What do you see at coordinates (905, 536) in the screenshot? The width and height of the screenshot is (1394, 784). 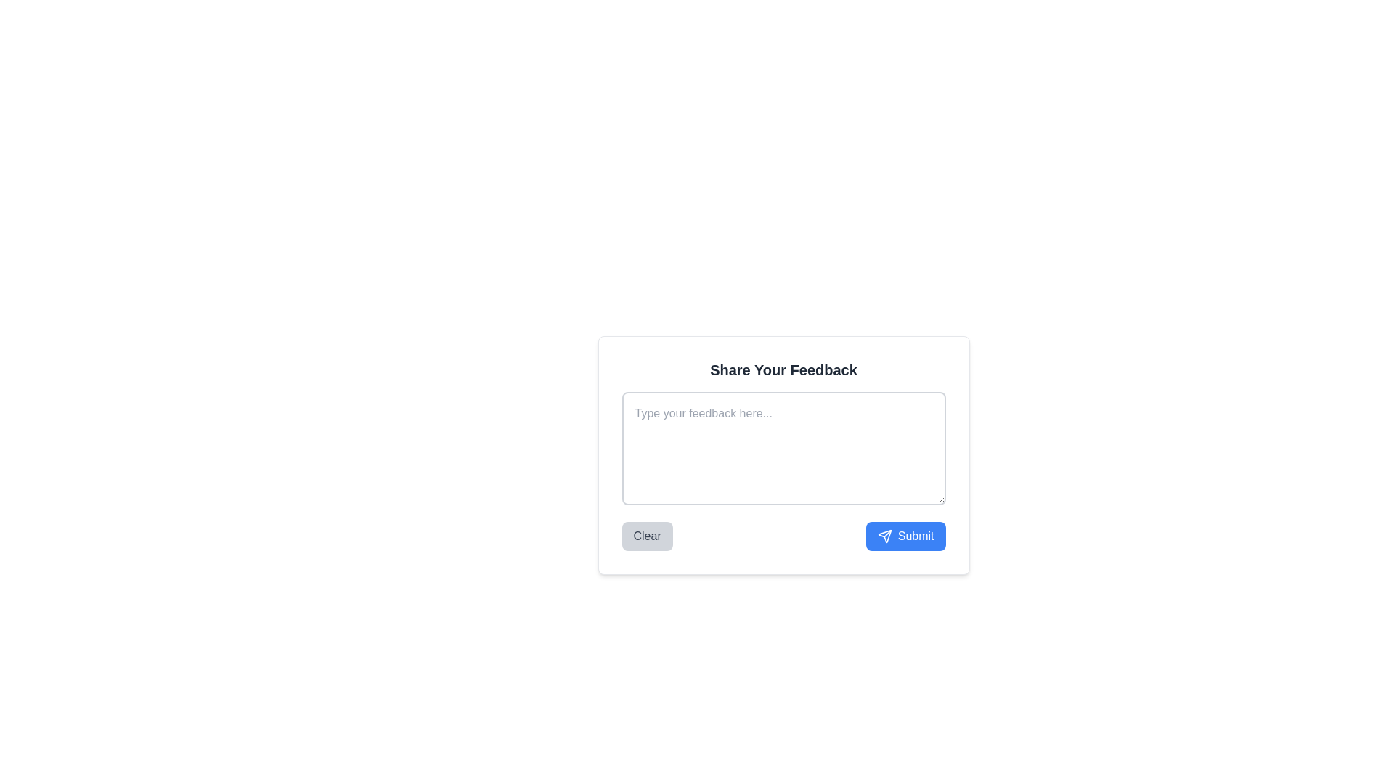 I see `the 'Submit' button with a blue background and white text, located at the bottom of the form interface` at bounding box center [905, 536].